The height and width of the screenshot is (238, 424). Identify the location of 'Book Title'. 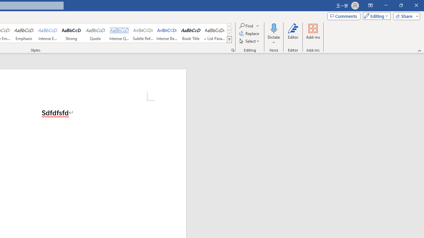
(190, 33).